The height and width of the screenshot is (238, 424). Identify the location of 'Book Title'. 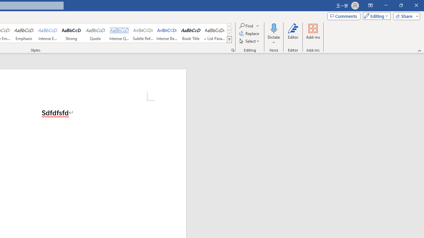
(190, 33).